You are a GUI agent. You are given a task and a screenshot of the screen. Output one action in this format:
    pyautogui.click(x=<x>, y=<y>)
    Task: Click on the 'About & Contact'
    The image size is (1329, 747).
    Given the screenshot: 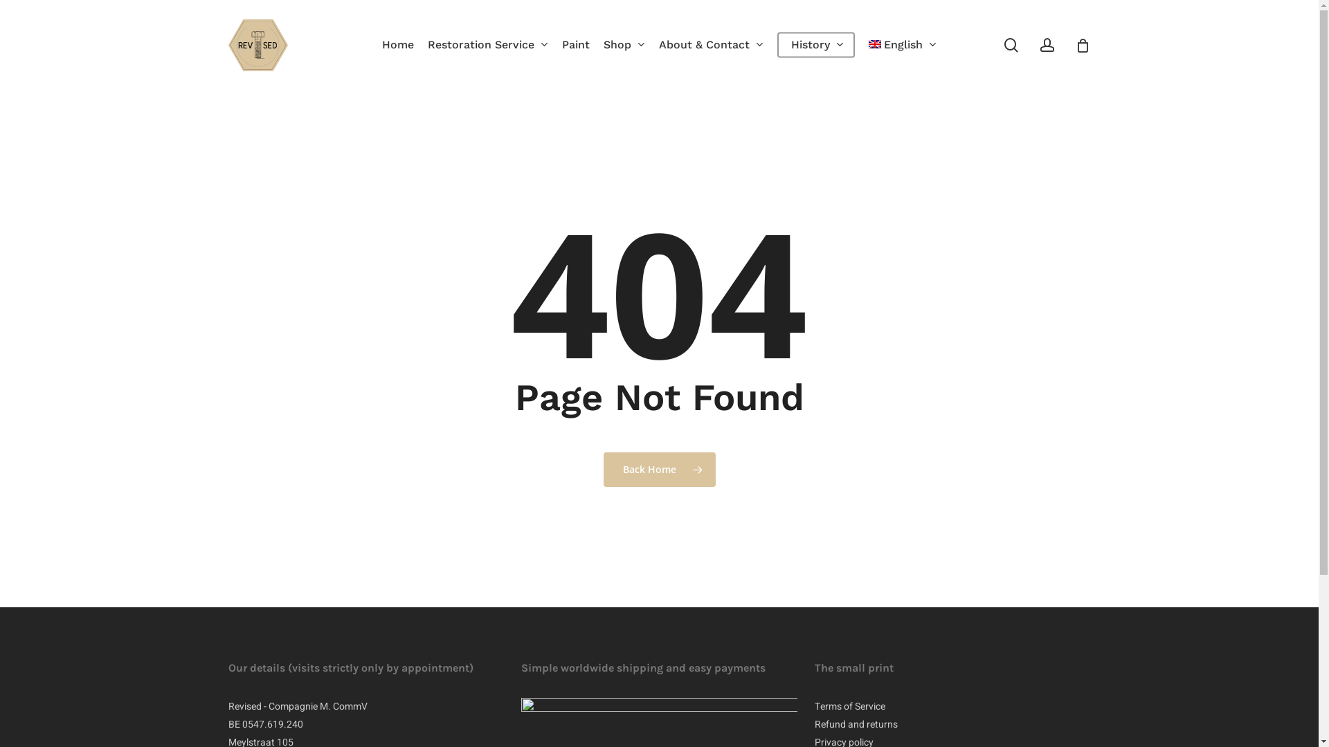 What is the action you would take?
    pyautogui.click(x=711, y=44)
    